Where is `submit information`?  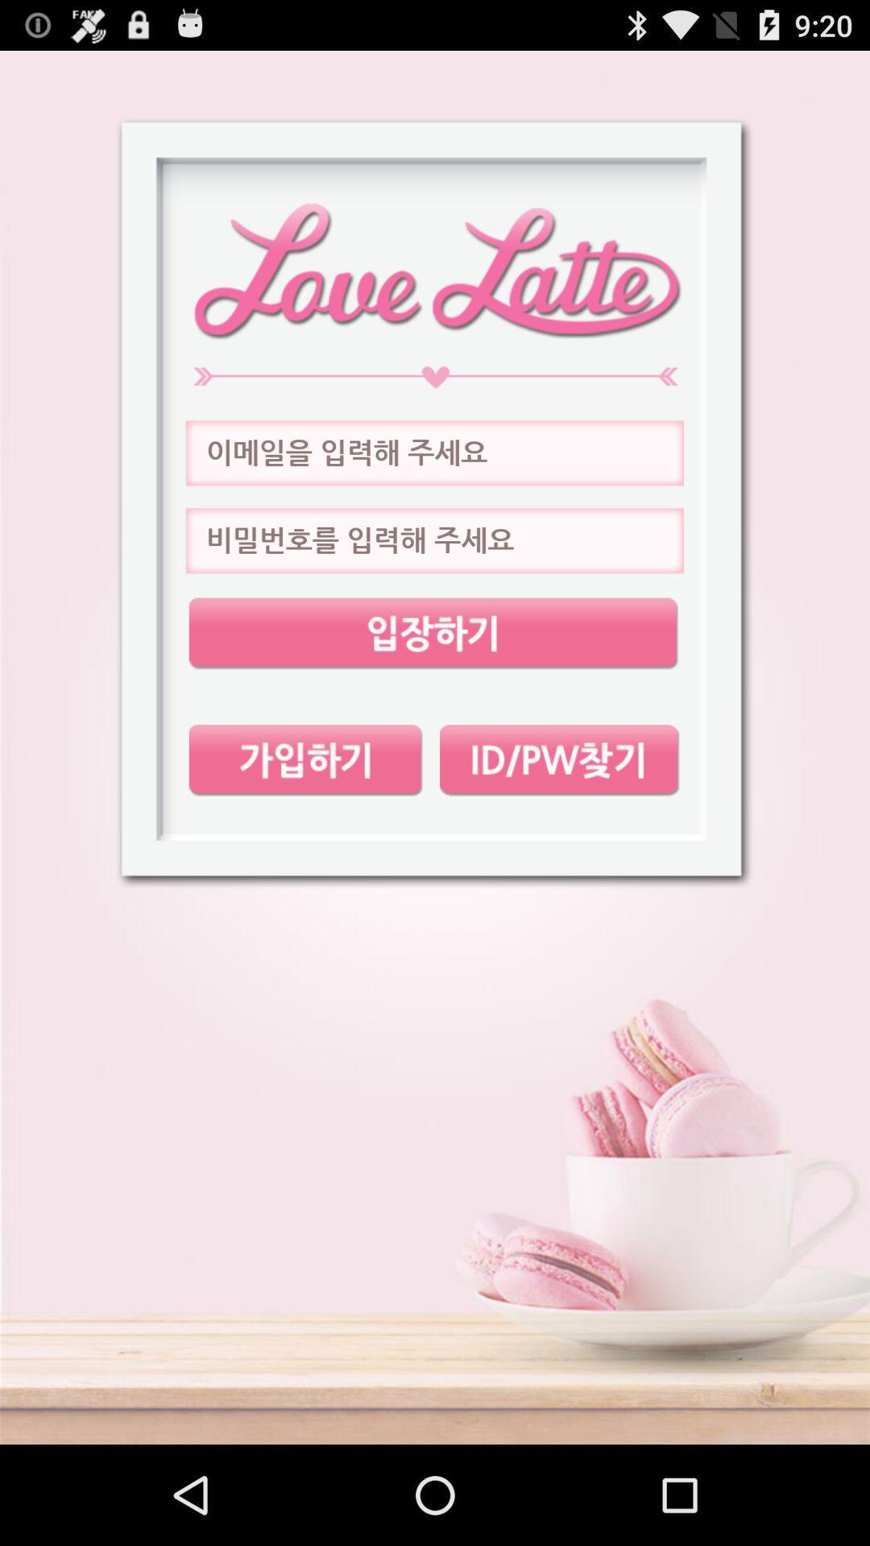 submit information is located at coordinates (433, 633).